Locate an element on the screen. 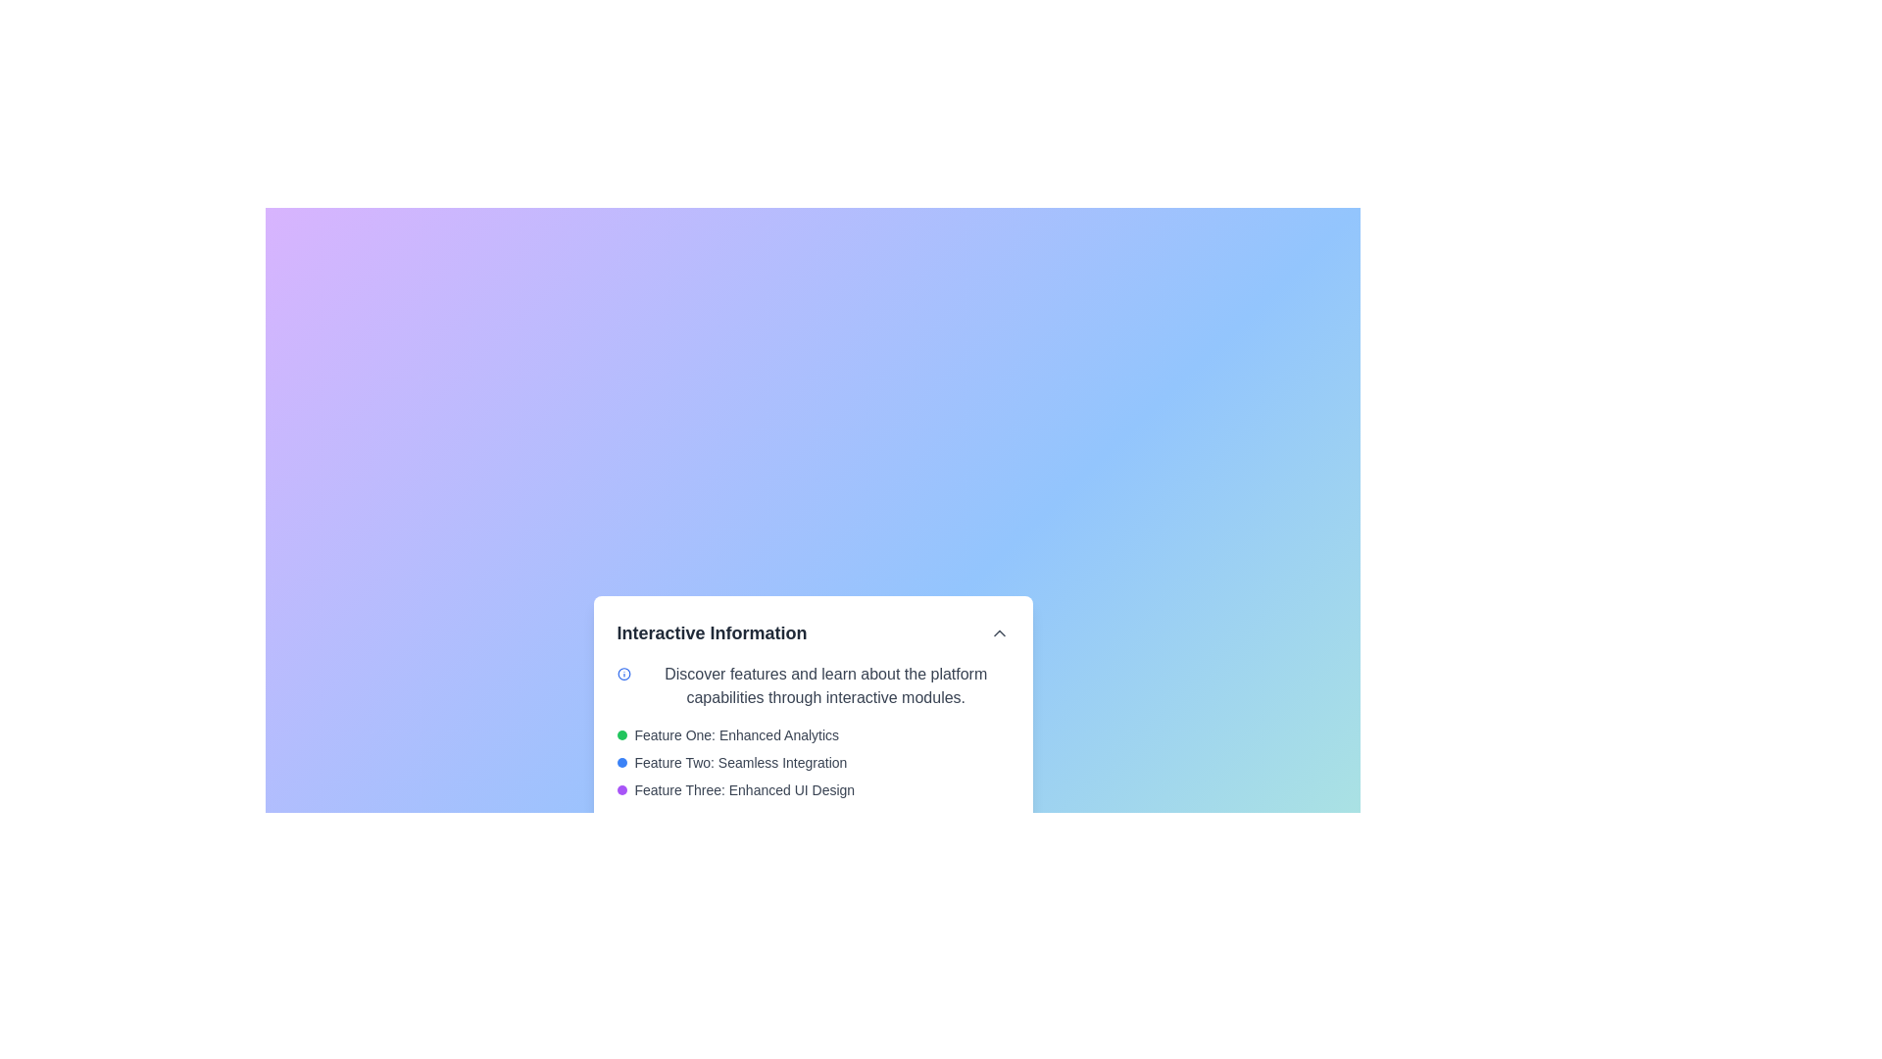  the small, circular purple bullet point located to the left of the text 'Feature Three: Enhanced UI Design' is located at coordinates (620, 789).